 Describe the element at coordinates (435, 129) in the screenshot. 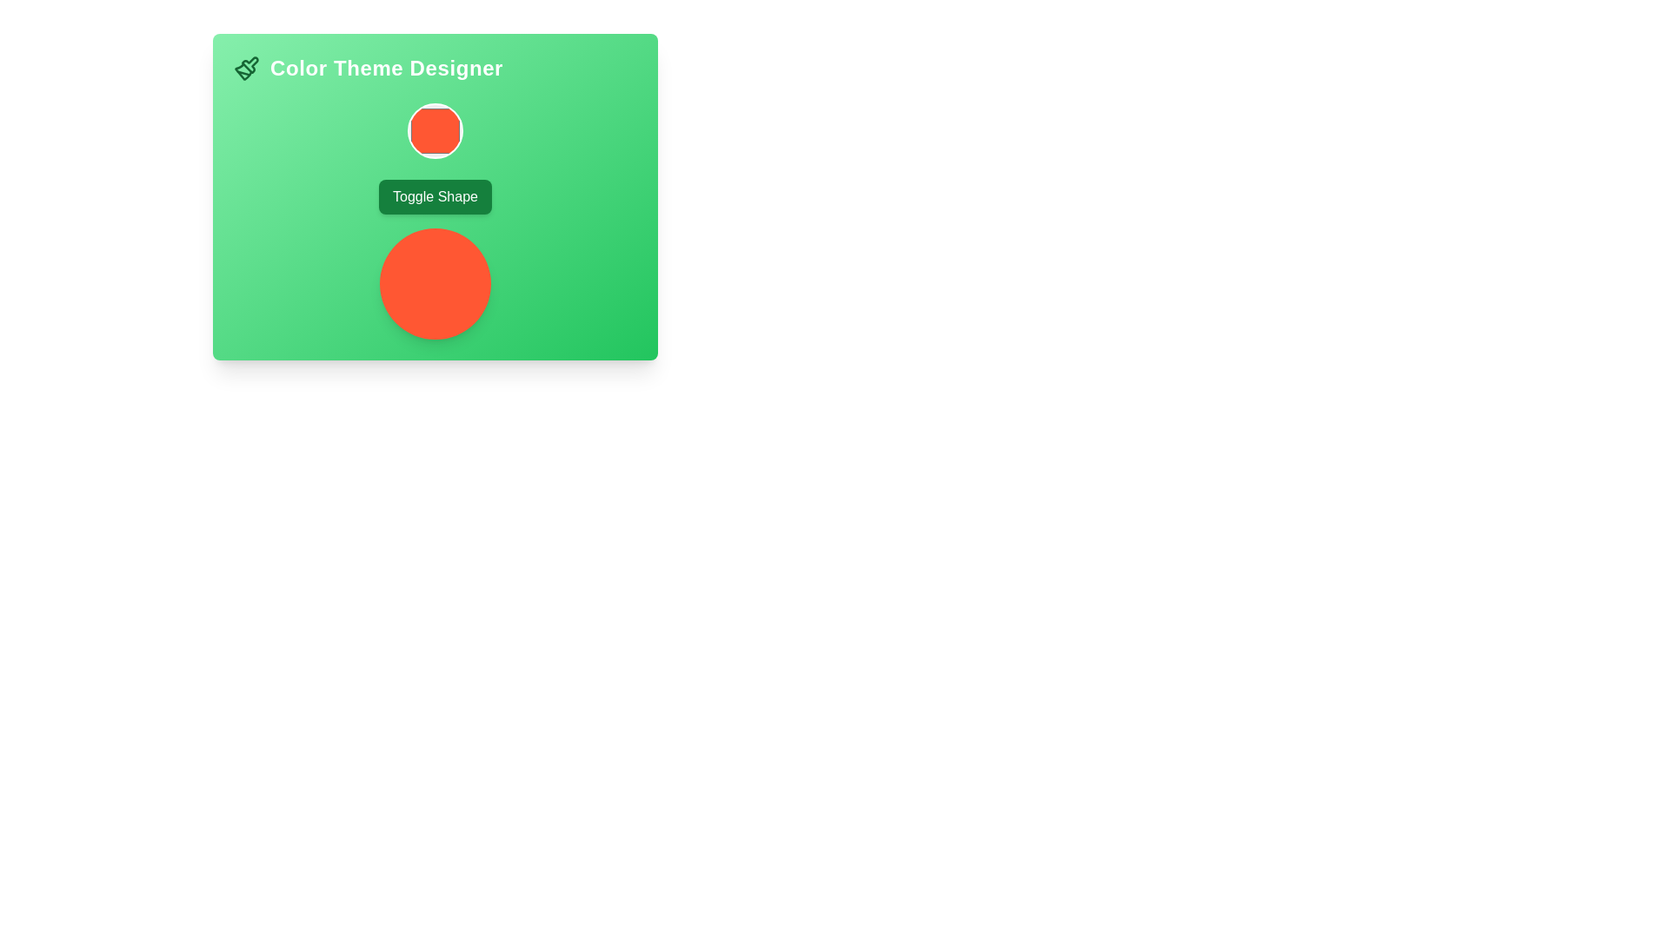

I see `the interactive color button, which is a circular orange button with a white border located beneath the 'Color Theme Designer' header` at that location.